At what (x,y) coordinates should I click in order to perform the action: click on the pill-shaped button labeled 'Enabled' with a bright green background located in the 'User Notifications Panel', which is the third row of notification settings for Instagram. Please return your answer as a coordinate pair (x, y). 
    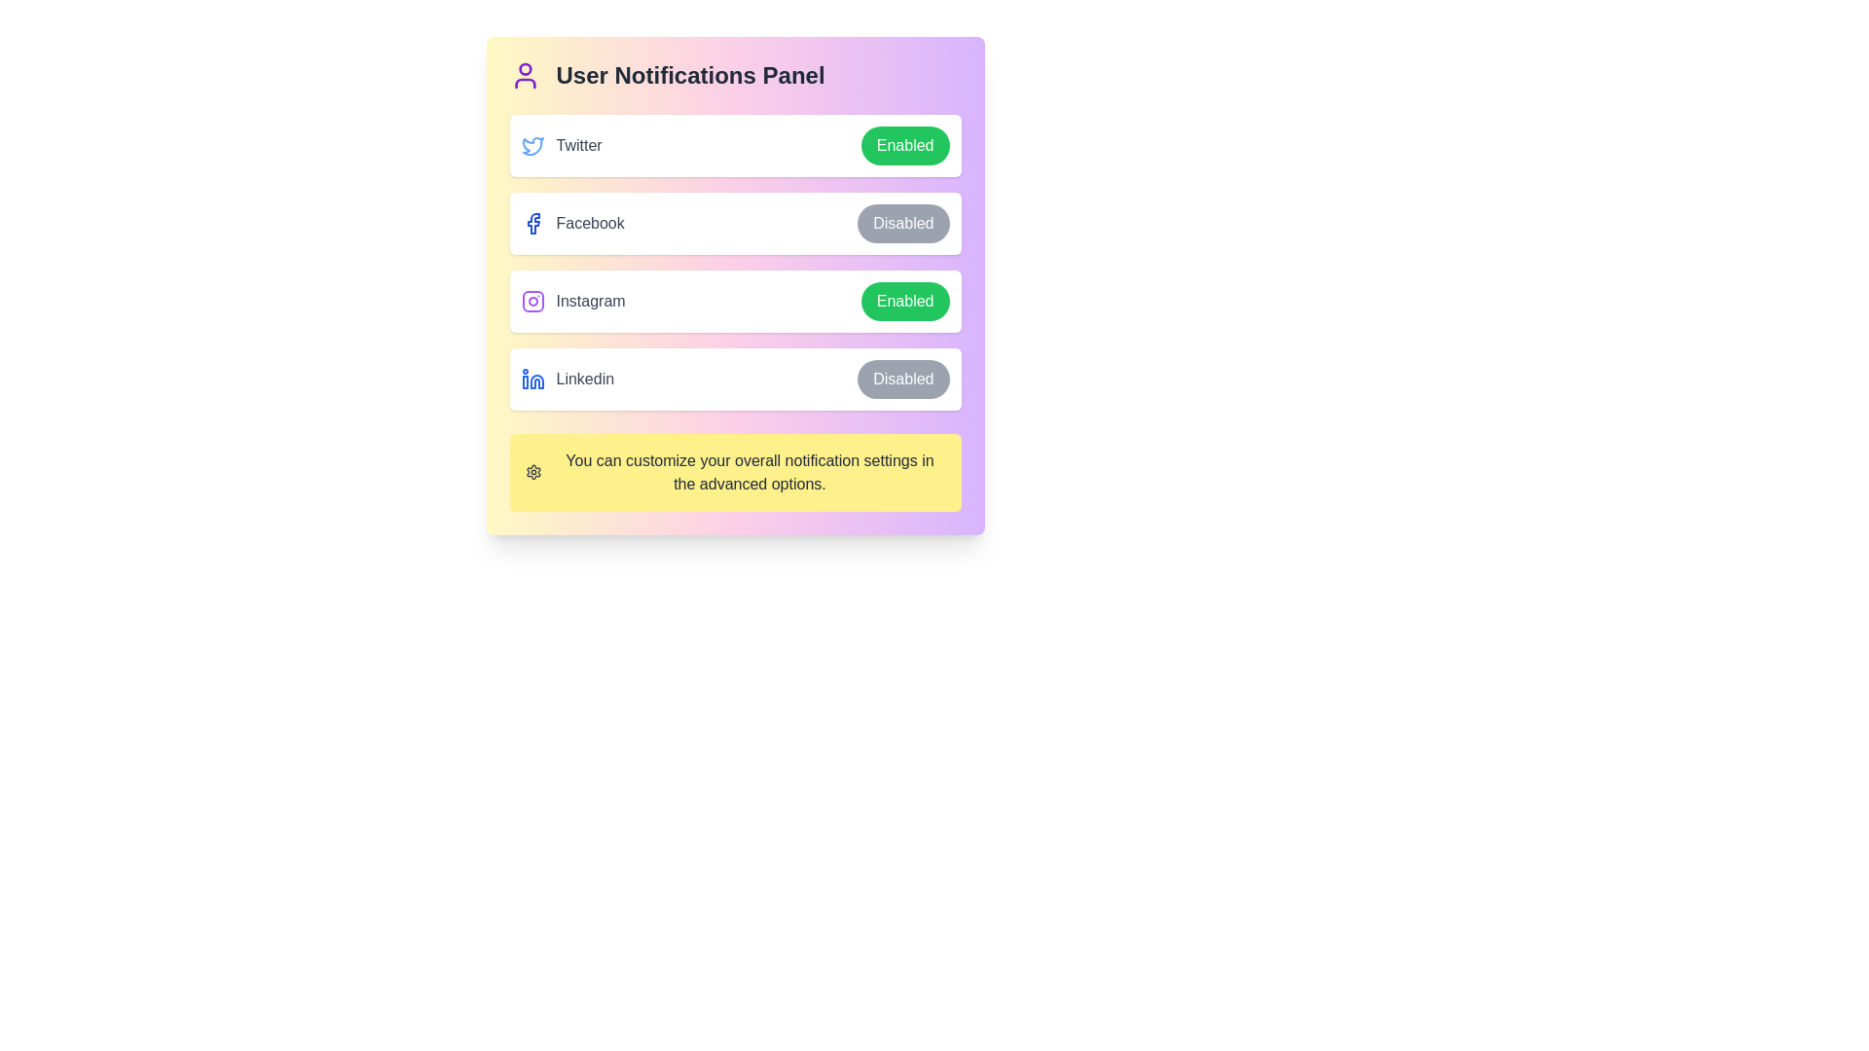
    Looking at the image, I should click on (904, 301).